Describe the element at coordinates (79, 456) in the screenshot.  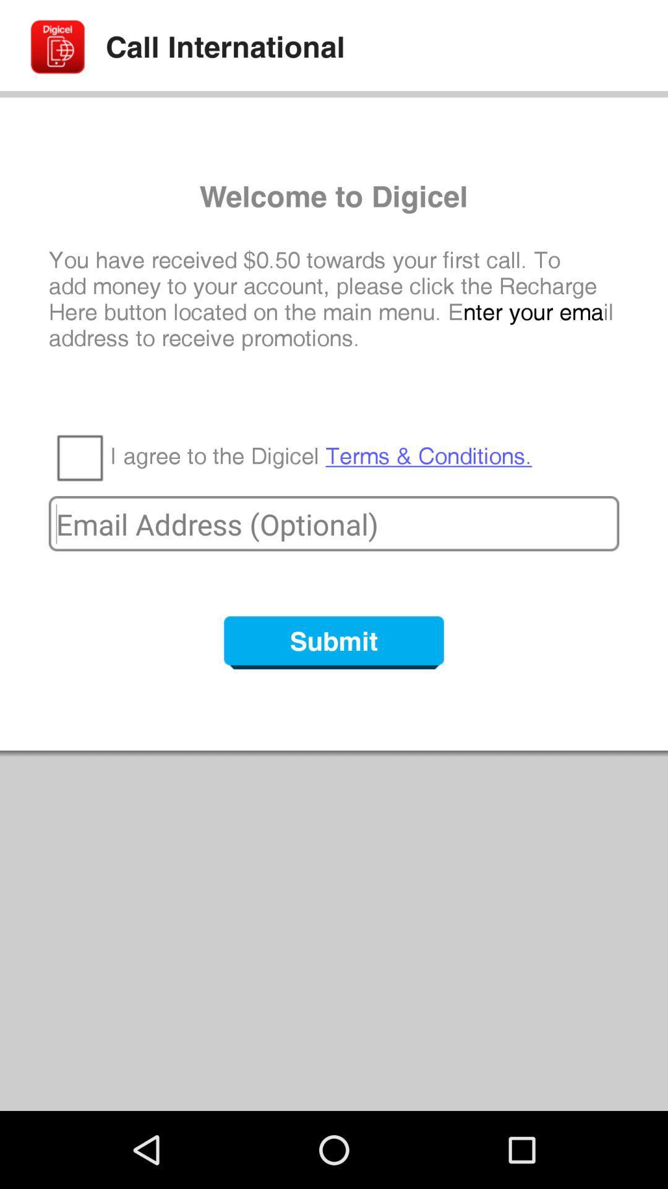
I see `the app below the you have received icon` at that location.